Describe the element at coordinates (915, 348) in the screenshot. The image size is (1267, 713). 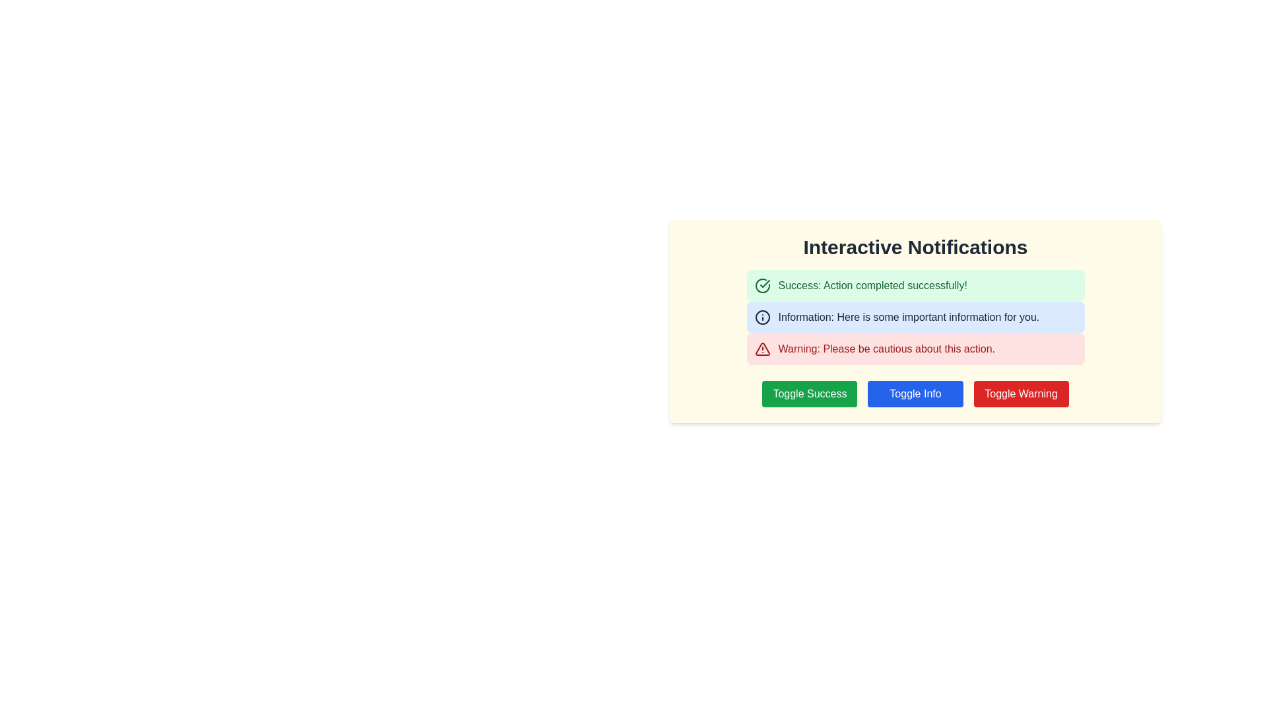
I see `warning message displayed in the Notification box, which is the third notification under 'Interactive Notifications', located between the blue 'Information' notification and the buttons at the bottom` at that location.